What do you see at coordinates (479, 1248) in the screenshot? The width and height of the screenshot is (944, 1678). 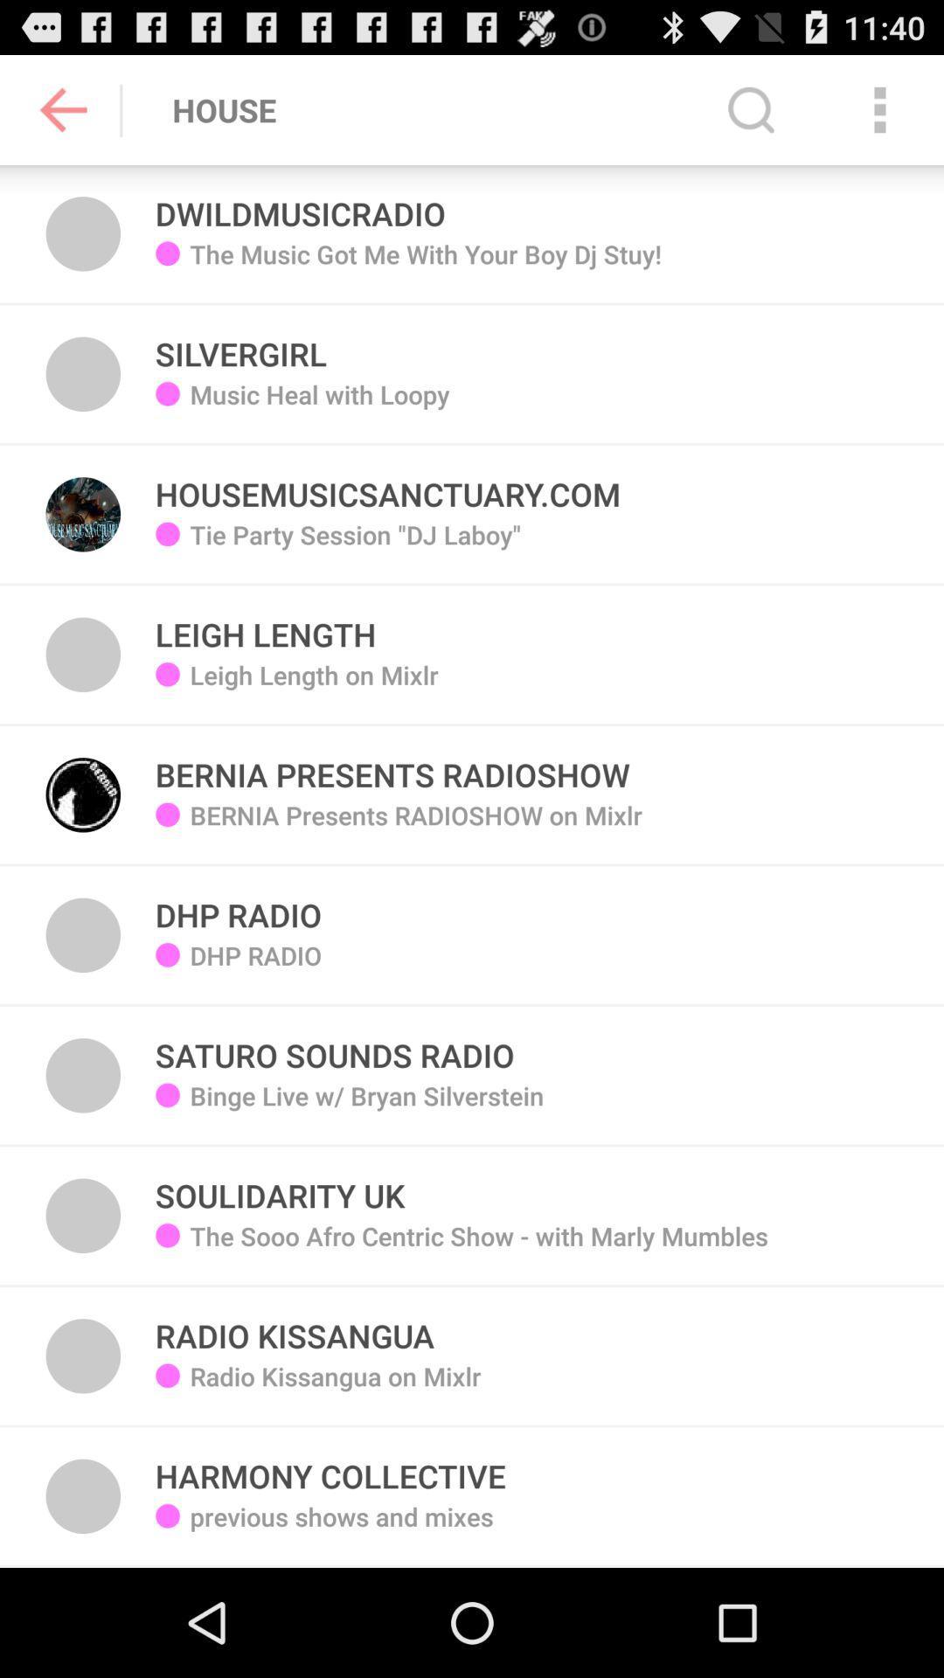 I see `the item above radio kissangua icon` at bounding box center [479, 1248].